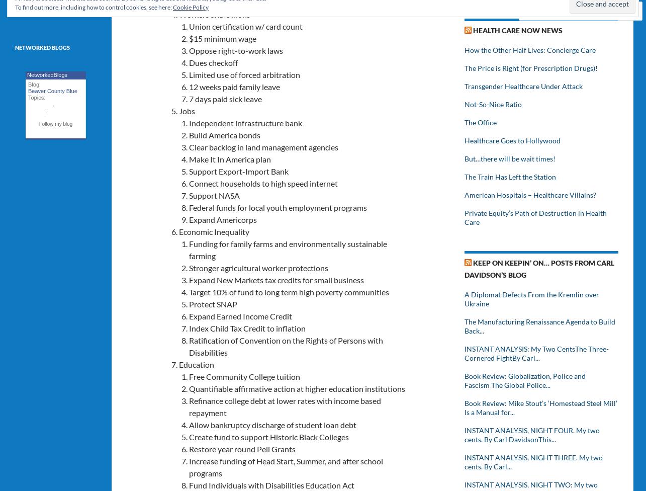 Image resolution: width=646 pixels, height=491 pixels. I want to click on 'Build America bonds', so click(225, 134).